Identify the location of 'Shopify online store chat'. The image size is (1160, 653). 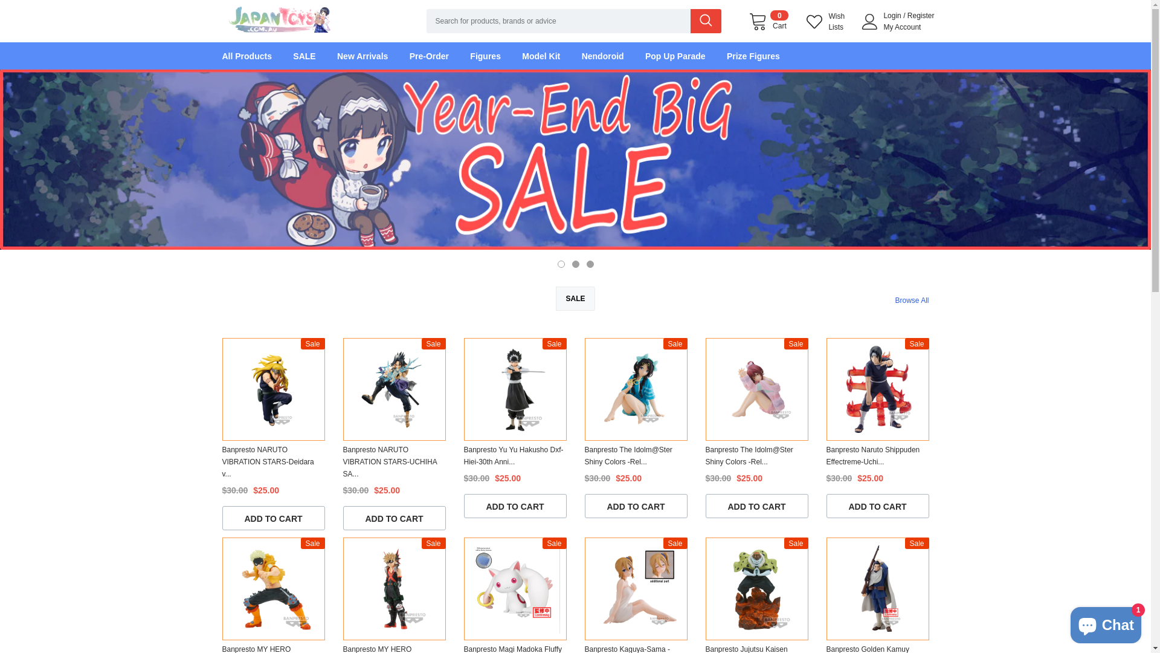
(1106, 622).